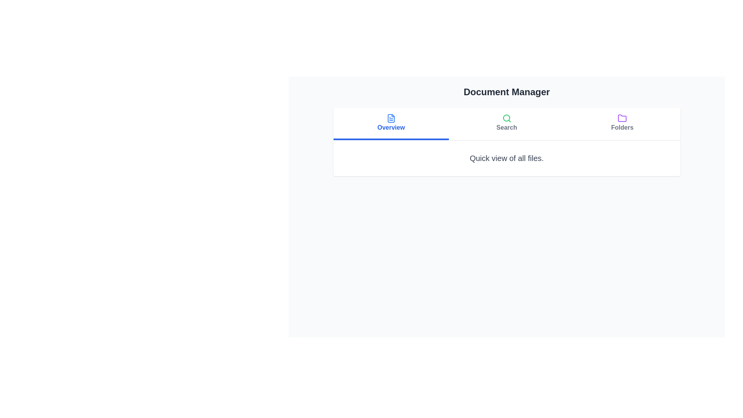  I want to click on the folder icon with a purple outline located to the right of the 'Folders' header, so click(622, 118).